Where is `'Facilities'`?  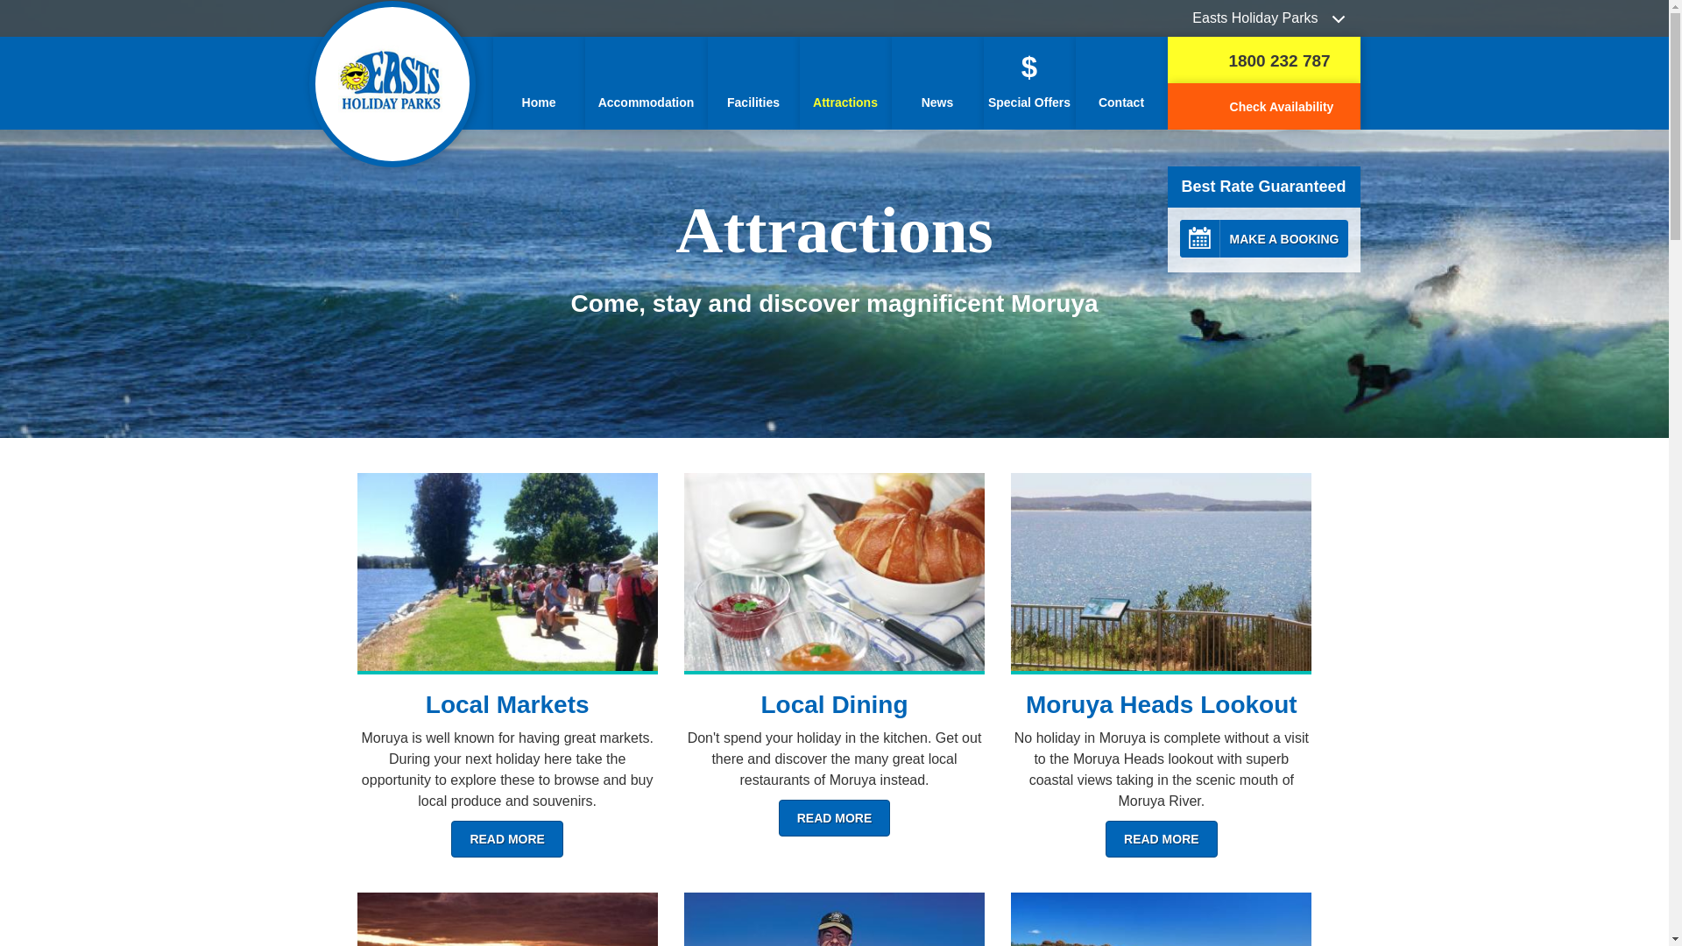
'Facilities' is located at coordinates (753, 83).